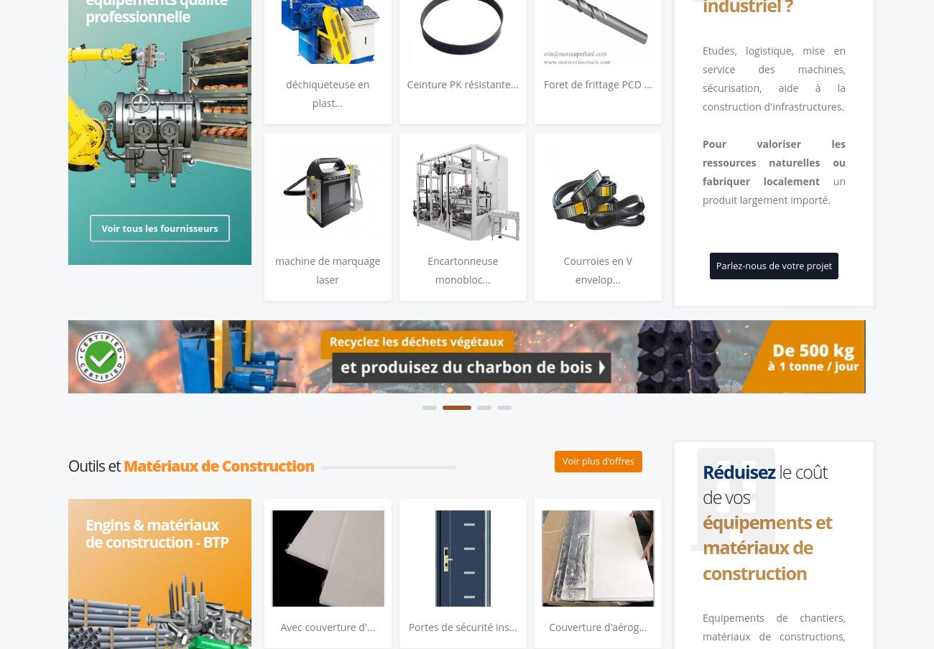  I want to click on 'déchiqueteuse en plast...', so click(327, 93).